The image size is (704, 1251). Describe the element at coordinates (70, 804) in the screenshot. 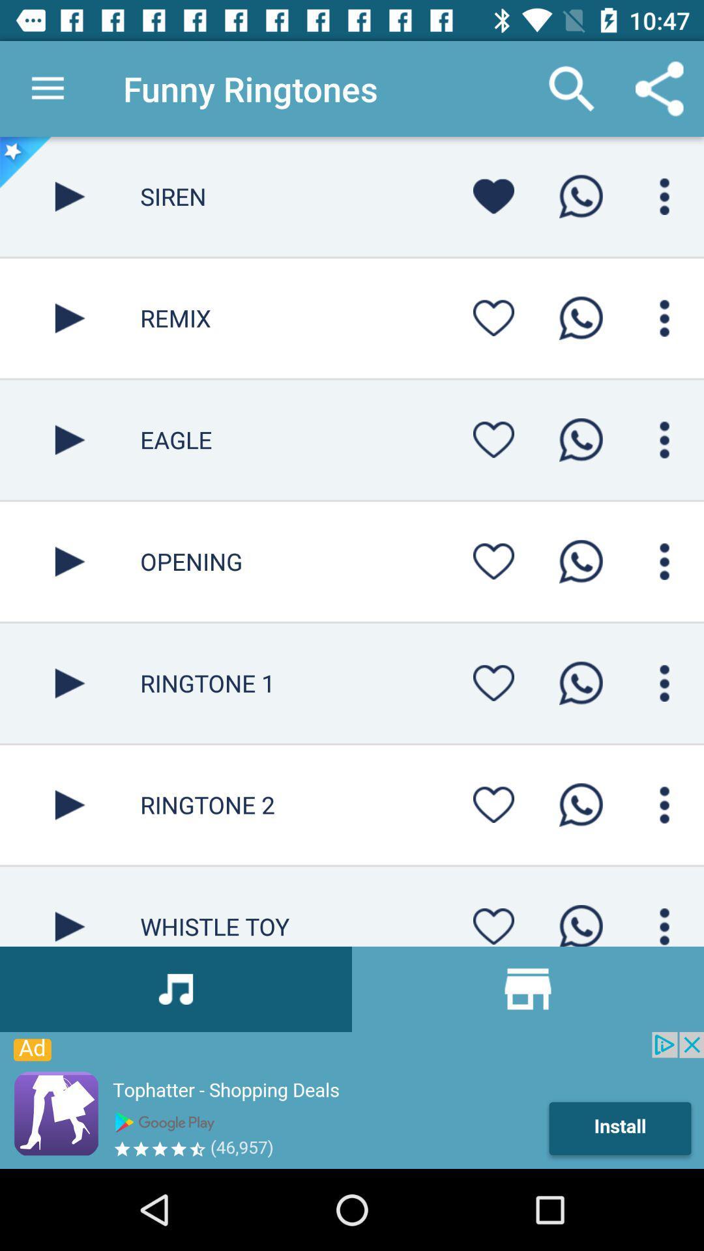

I see `selected ringtone` at that location.